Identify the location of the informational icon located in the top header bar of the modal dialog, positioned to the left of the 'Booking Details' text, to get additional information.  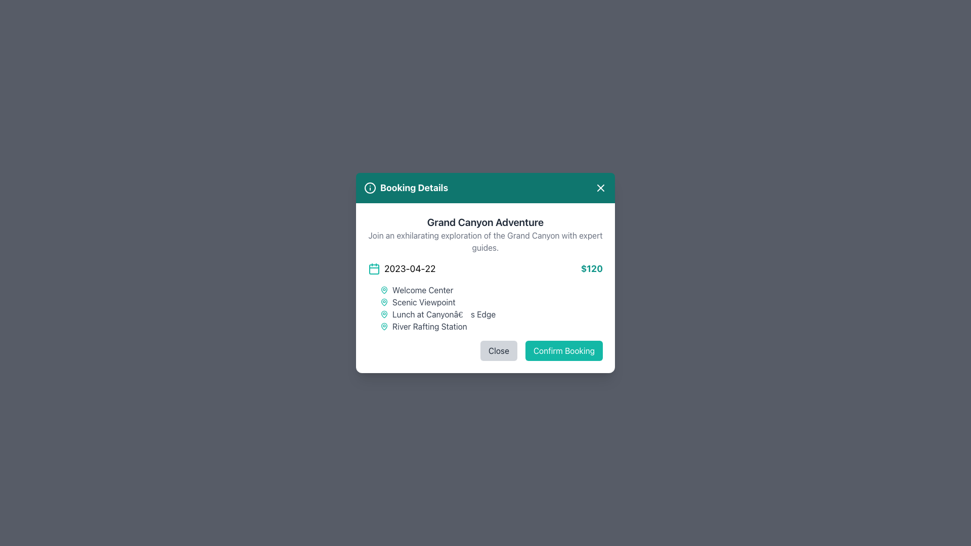
(369, 188).